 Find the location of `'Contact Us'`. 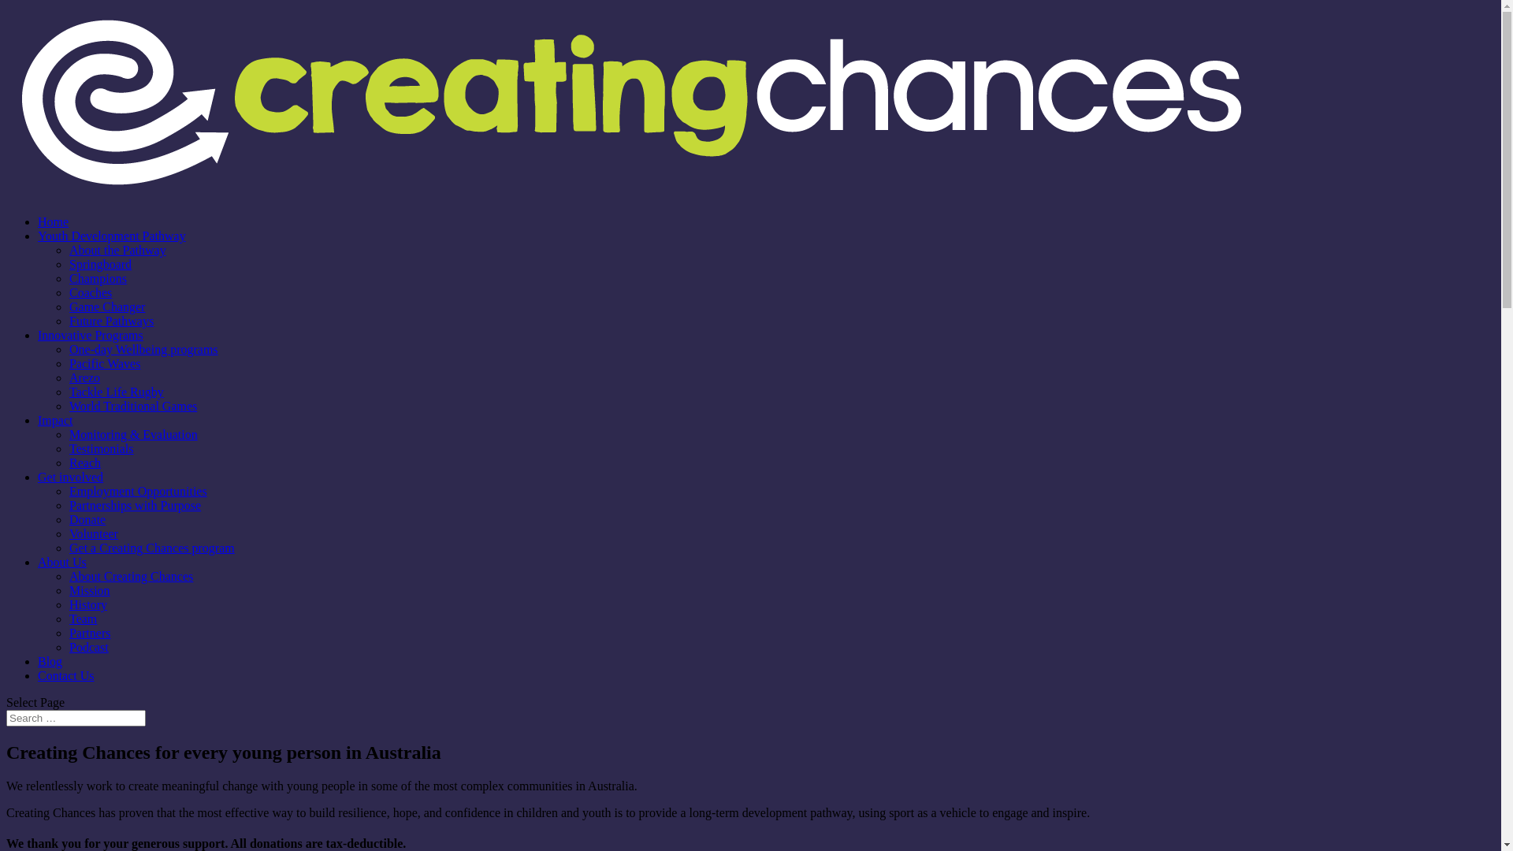

'Contact Us' is located at coordinates (65, 674).